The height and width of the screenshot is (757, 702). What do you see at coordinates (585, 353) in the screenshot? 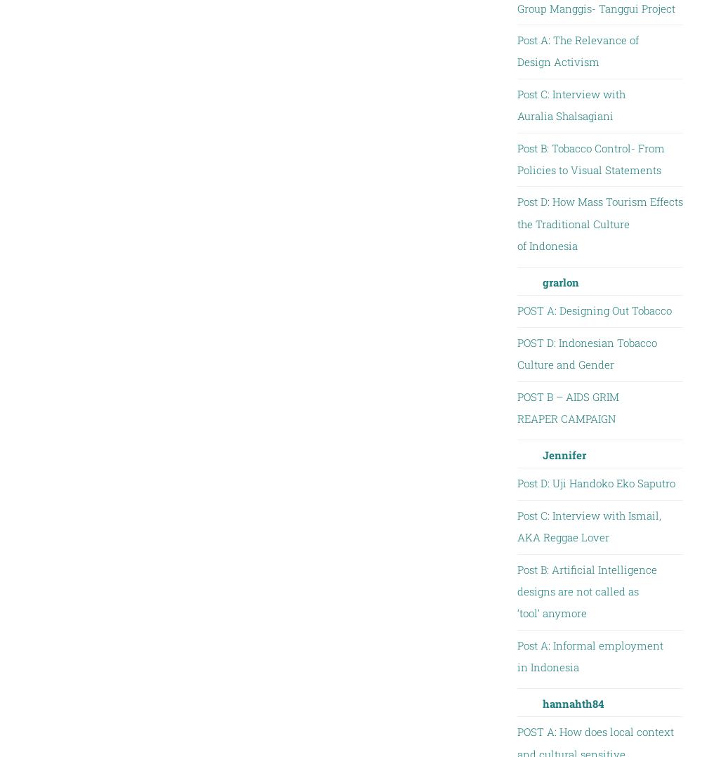
I see `'POST D: Indonesian Tobacco Culture and Gender'` at bounding box center [585, 353].